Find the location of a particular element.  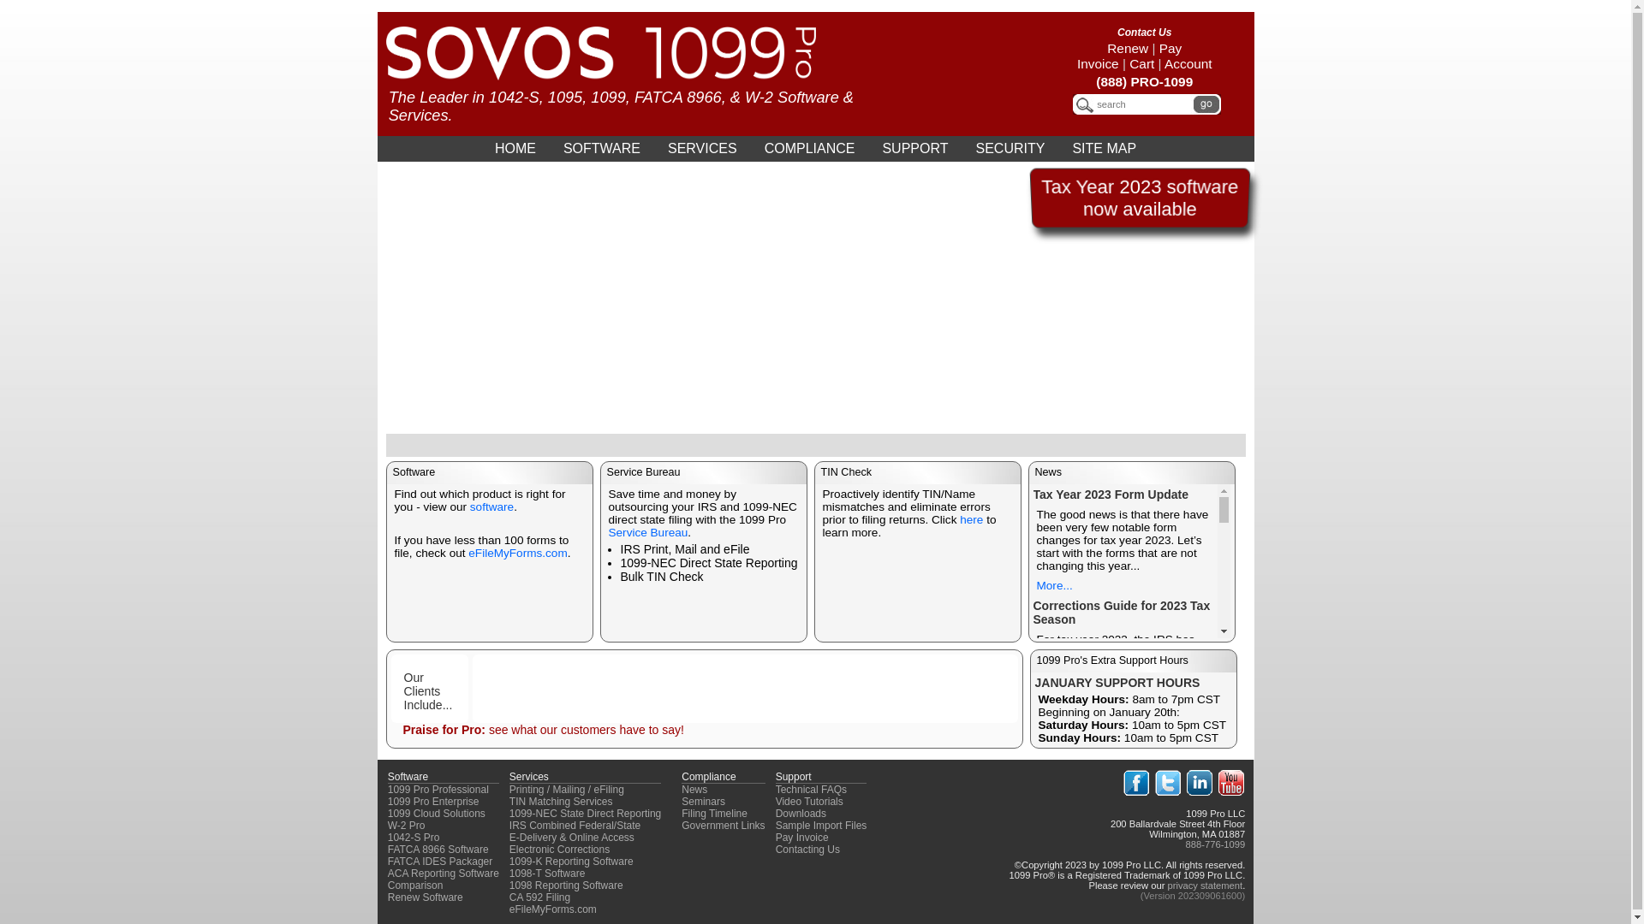

'Sample Import Files' is located at coordinates (820, 824).